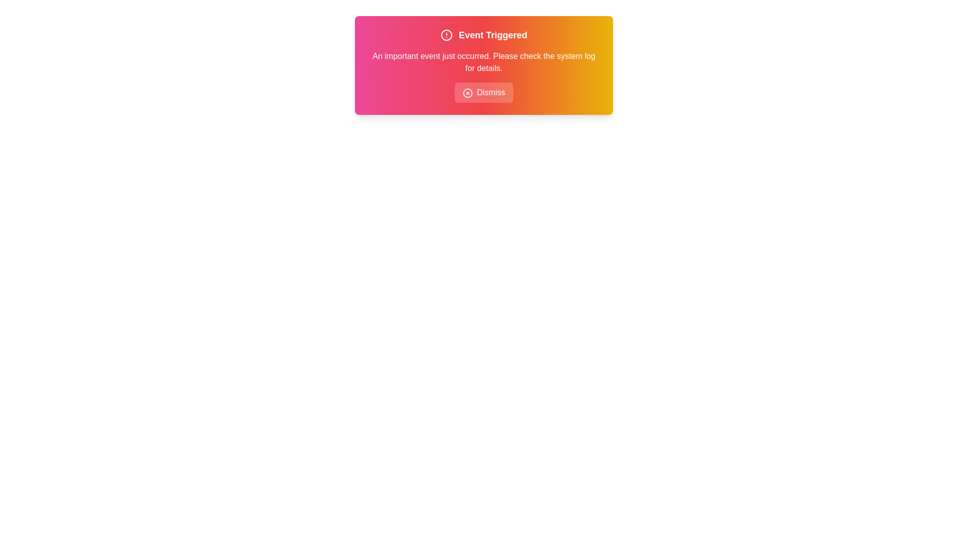  I want to click on the 'Dismiss' button, which is a rounded rectangle with a light transparency effect and contains a circular 'X' icon, located at the bottom of the dialog box, so click(484, 93).